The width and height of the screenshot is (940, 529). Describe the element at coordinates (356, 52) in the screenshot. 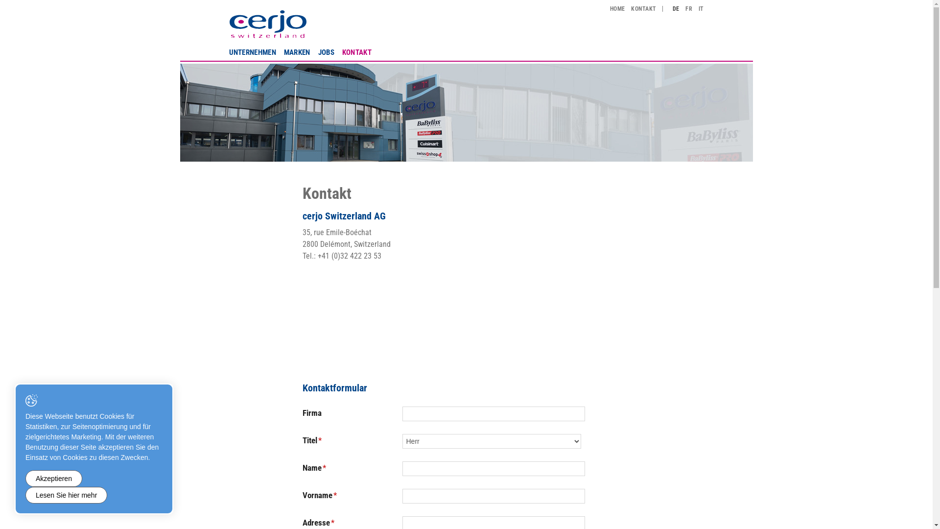

I see `'KONTAKT'` at that location.